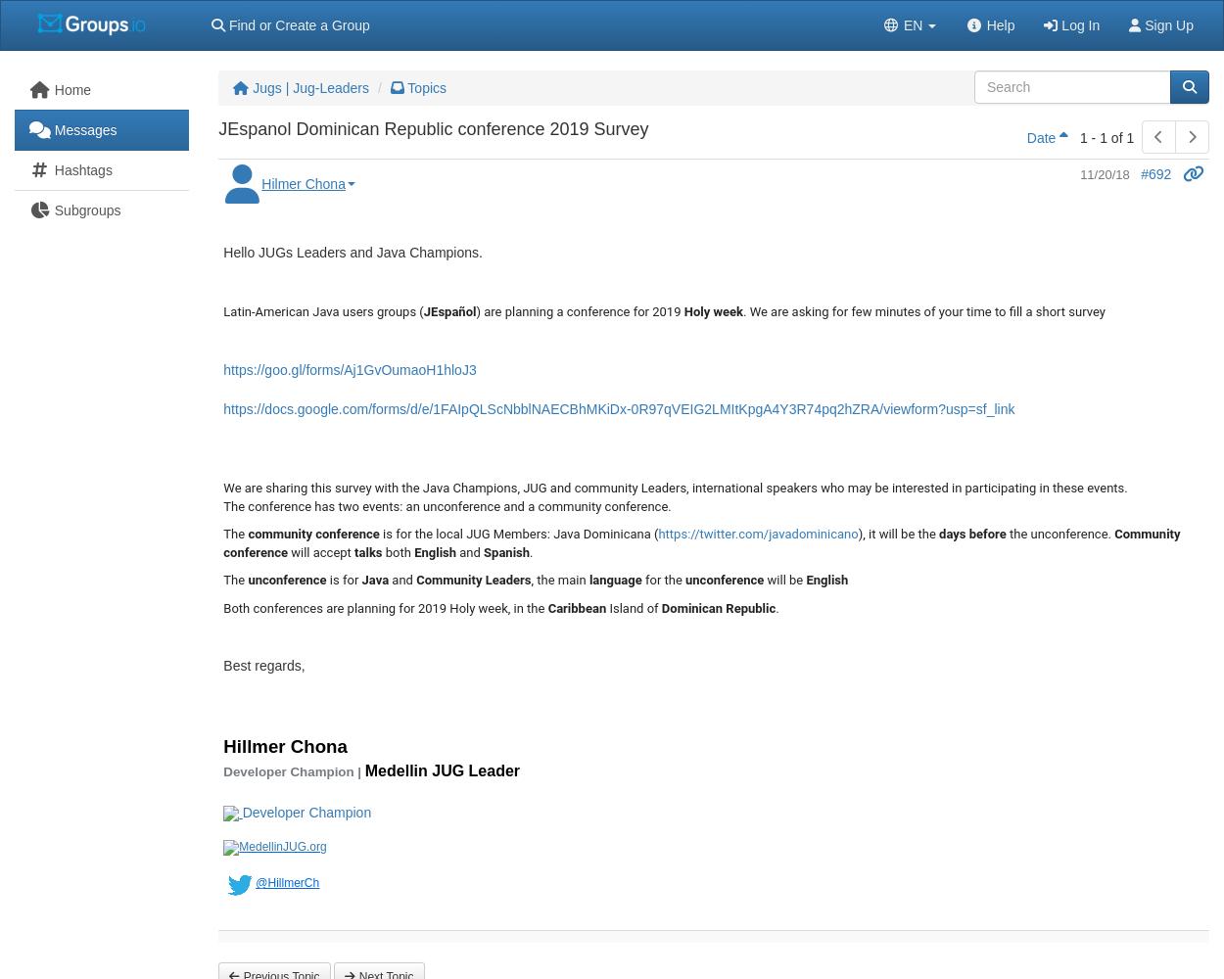 This screenshot has width=1224, height=979. I want to click on 'Find or Create a Group', so click(297, 25).